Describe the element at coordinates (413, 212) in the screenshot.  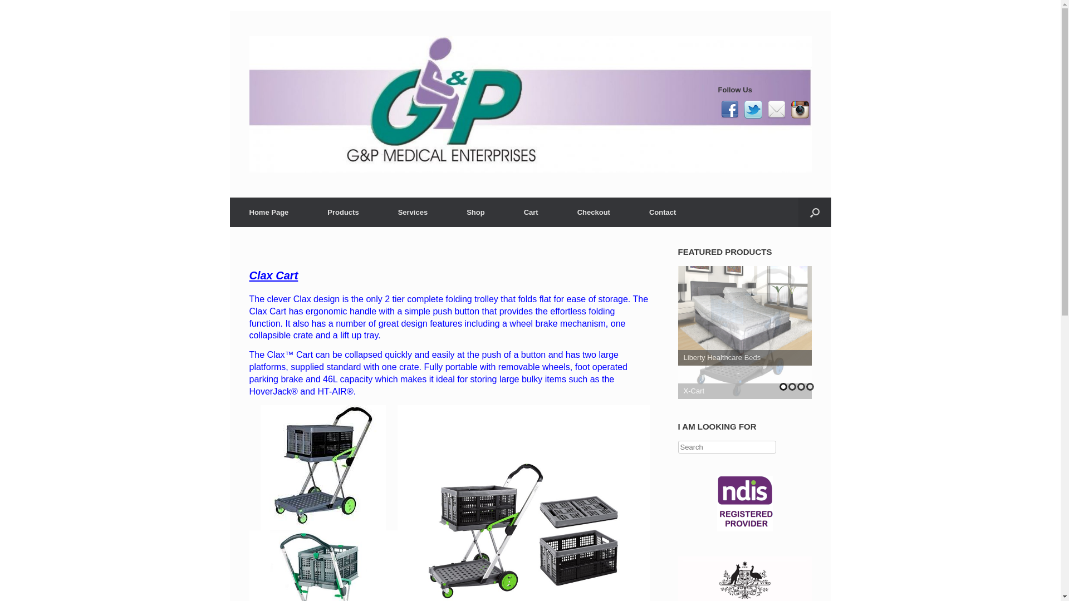
I see `'Services'` at that location.